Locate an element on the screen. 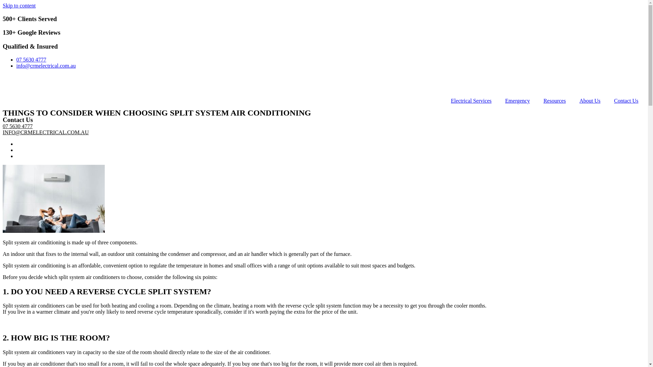  'Resources' is located at coordinates (555, 101).